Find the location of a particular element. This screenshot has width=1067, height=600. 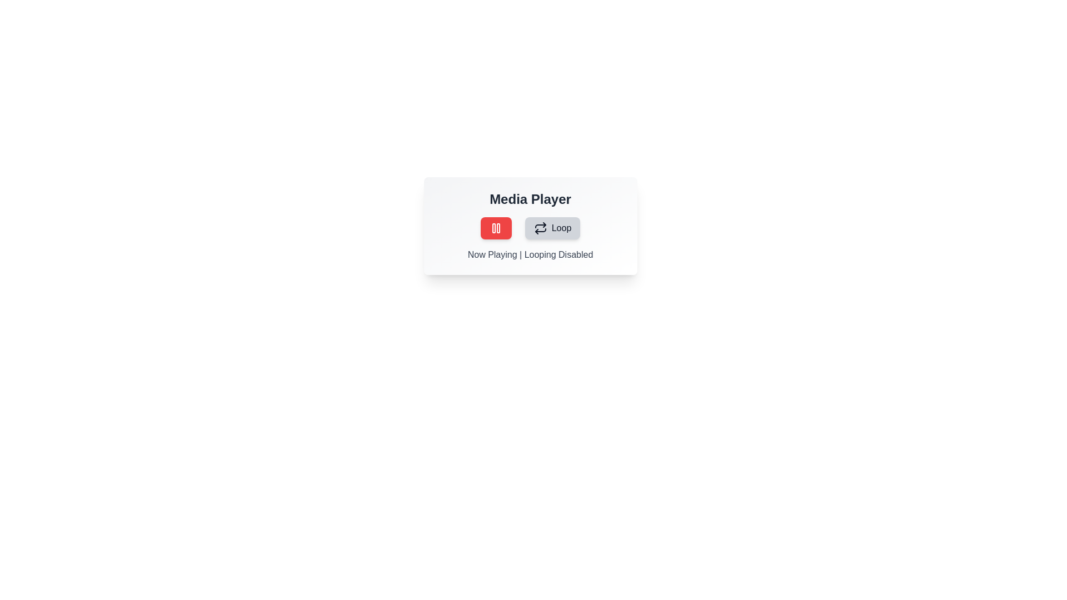

the loop_button of the MediaControlToggle component is located at coordinates (552, 228).